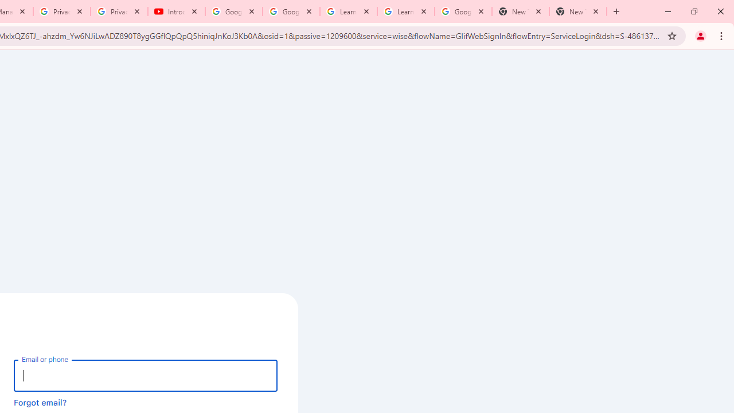 The height and width of the screenshot is (413, 734). What do you see at coordinates (145, 375) in the screenshot?
I see `'Email or phone'` at bounding box center [145, 375].